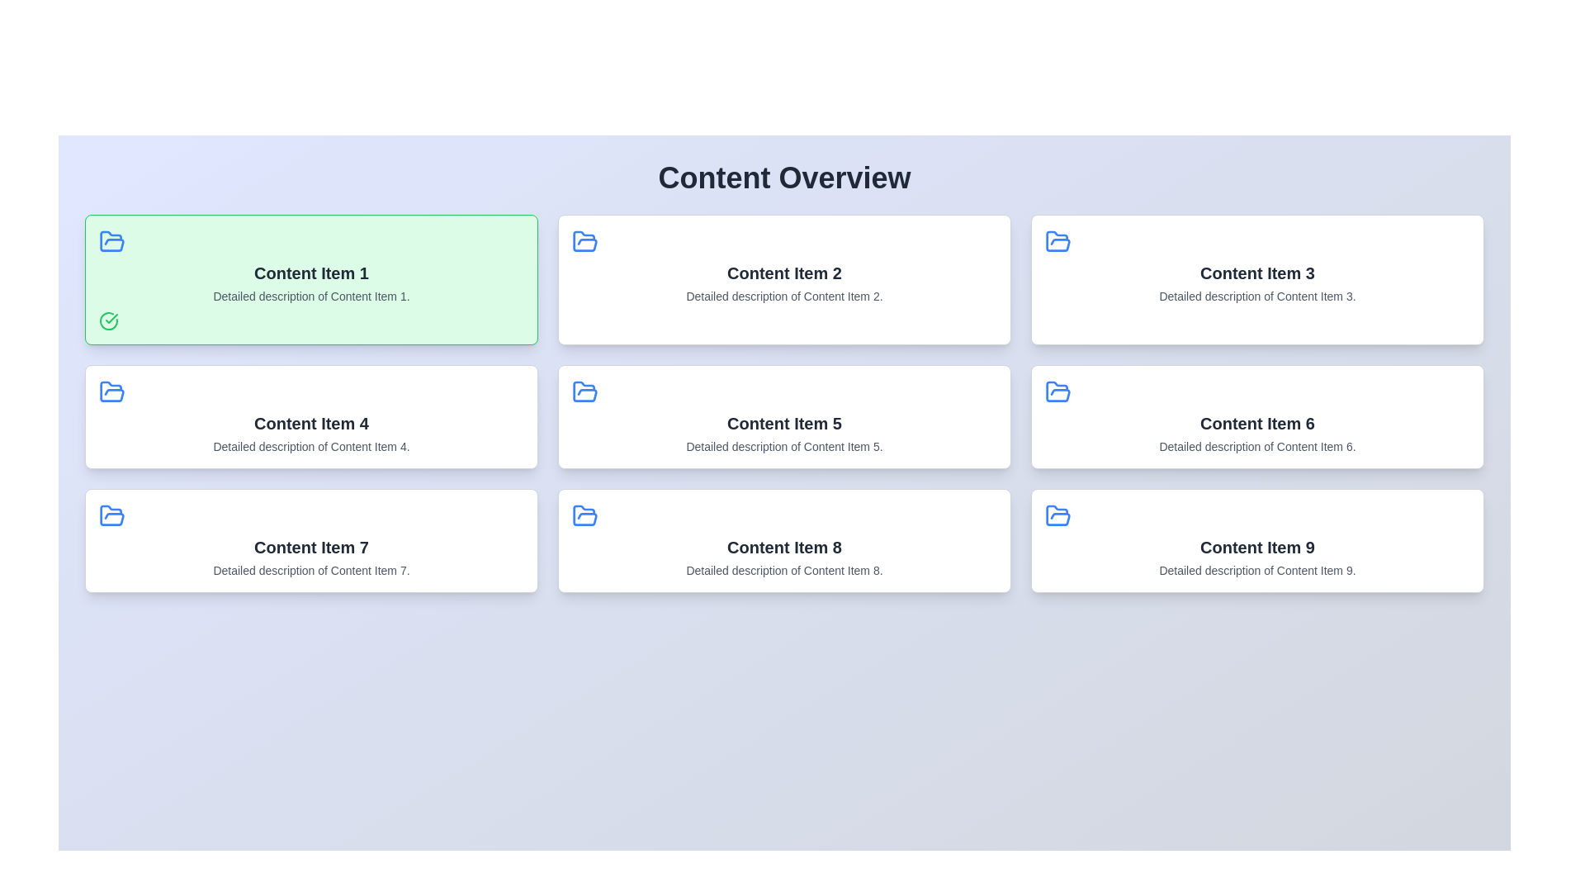 The width and height of the screenshot is (1585, 892). Describe the element at coordinates (1256, 446) in the screenshot. I see `the descriptive text label for 'Content Item 6' located in the second row and third column of the grid, positioned below its title` at that location.